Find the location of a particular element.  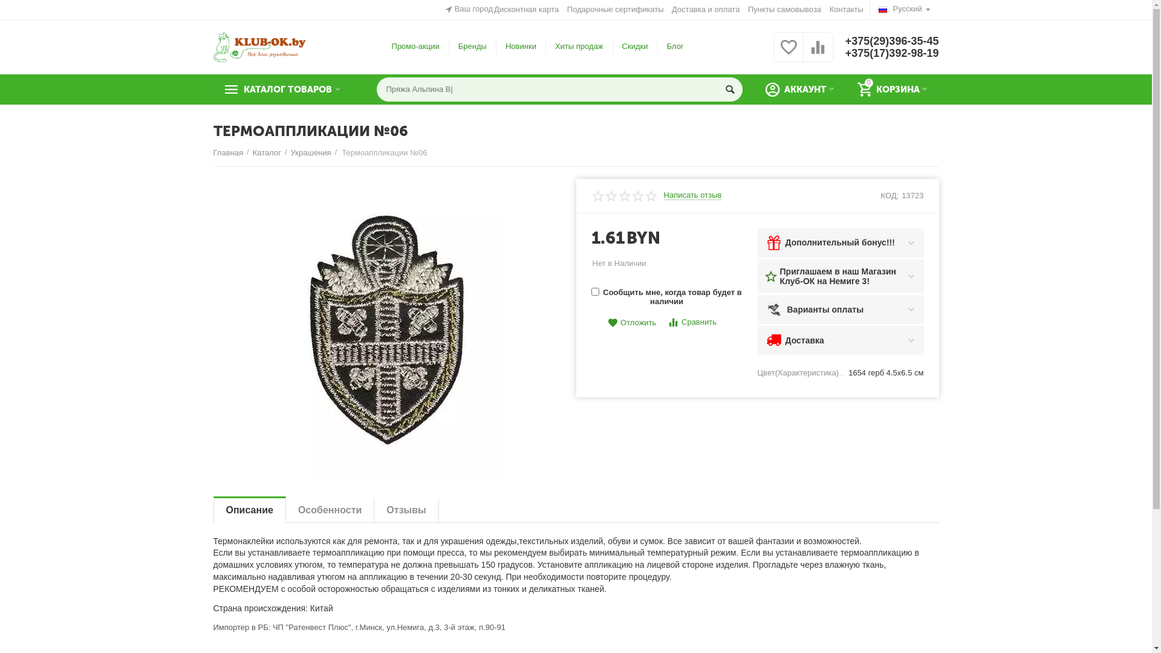

'+375(29)396-35-45' is located at coordinates (844, 41).